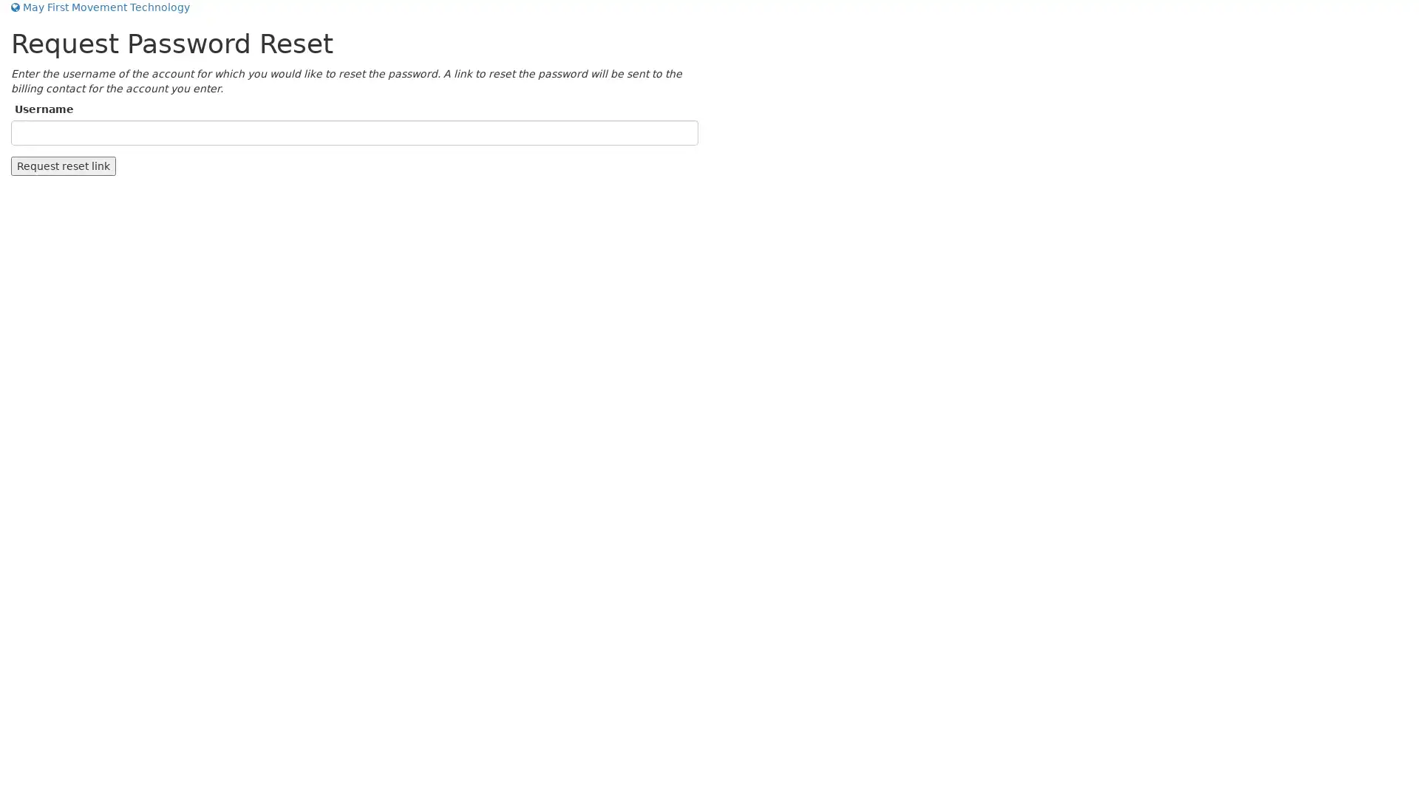  What do you see at coordinates (63, 165) in the screenshot?
I see `Request reset link` at bounding box center [63, 165].